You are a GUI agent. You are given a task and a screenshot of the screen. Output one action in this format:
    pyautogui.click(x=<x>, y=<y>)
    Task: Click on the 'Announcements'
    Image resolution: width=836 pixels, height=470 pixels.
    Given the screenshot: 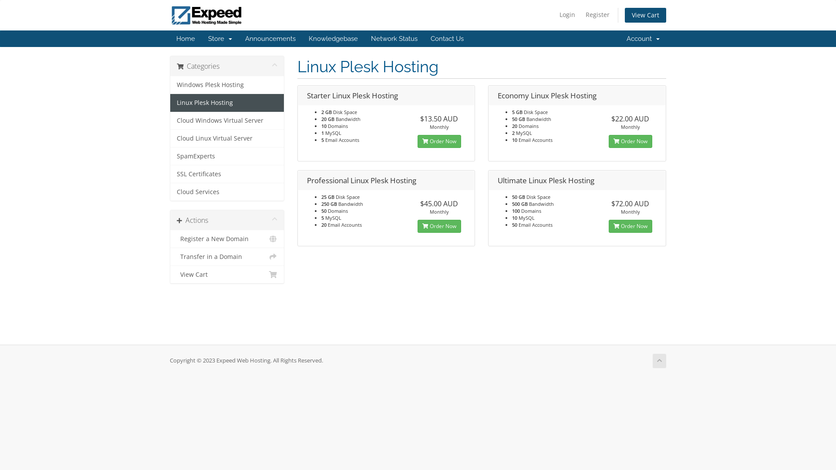 What is the action you would take?
    pyautogui.click(x=270, y=38)
    